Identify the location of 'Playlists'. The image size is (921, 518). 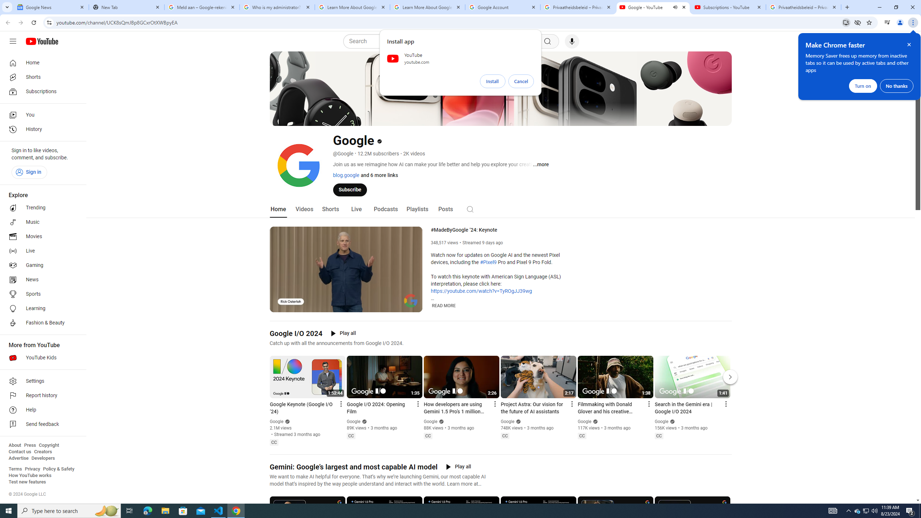
(417, 209).